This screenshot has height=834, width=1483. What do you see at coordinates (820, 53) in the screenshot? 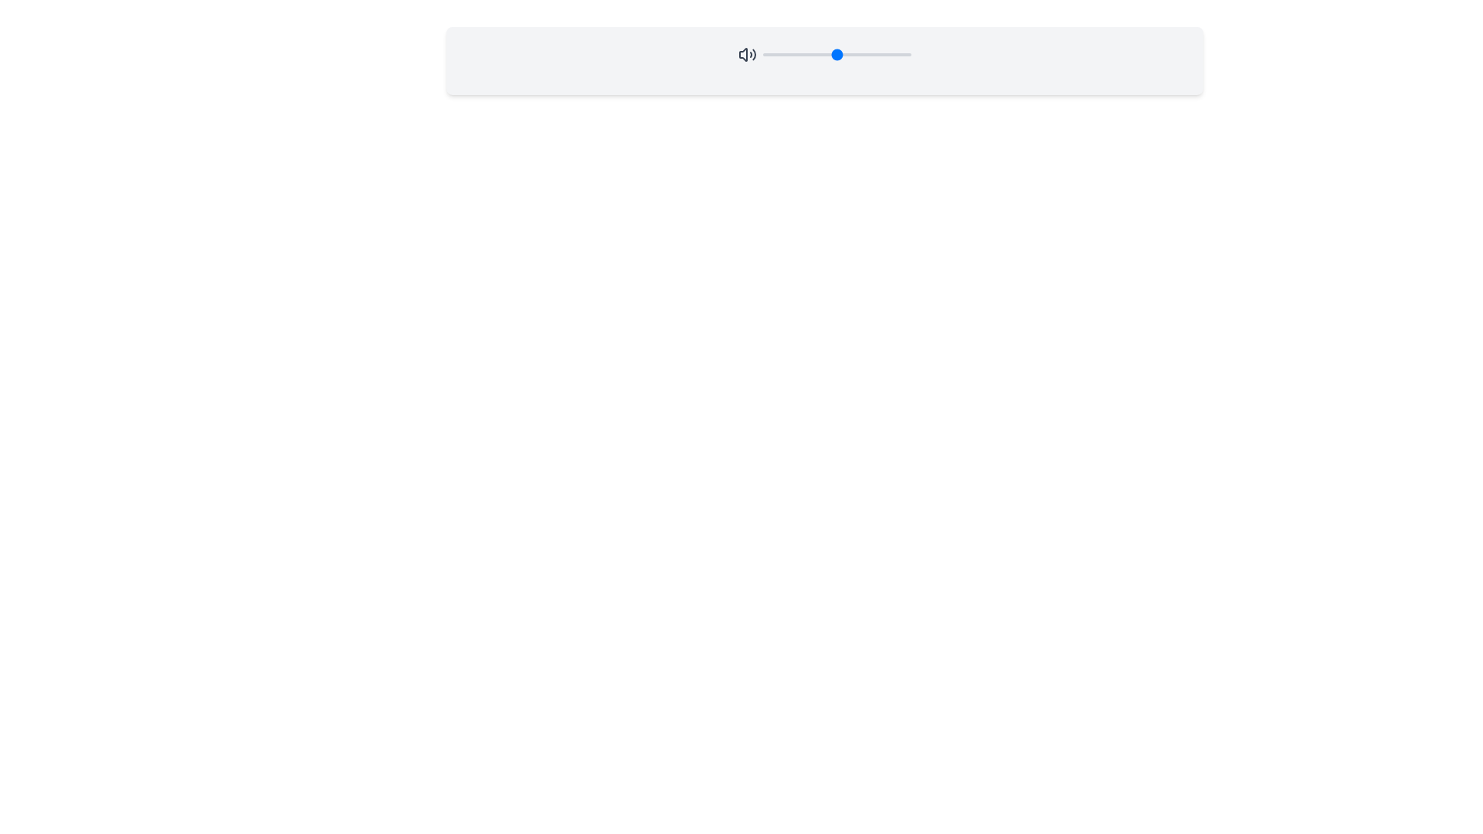
I see `the slider` at bounding box center [820, 53].